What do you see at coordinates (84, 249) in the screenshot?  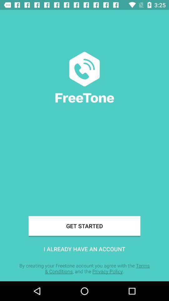 I see `item below the get started icon` at bounding box center [84, 249].